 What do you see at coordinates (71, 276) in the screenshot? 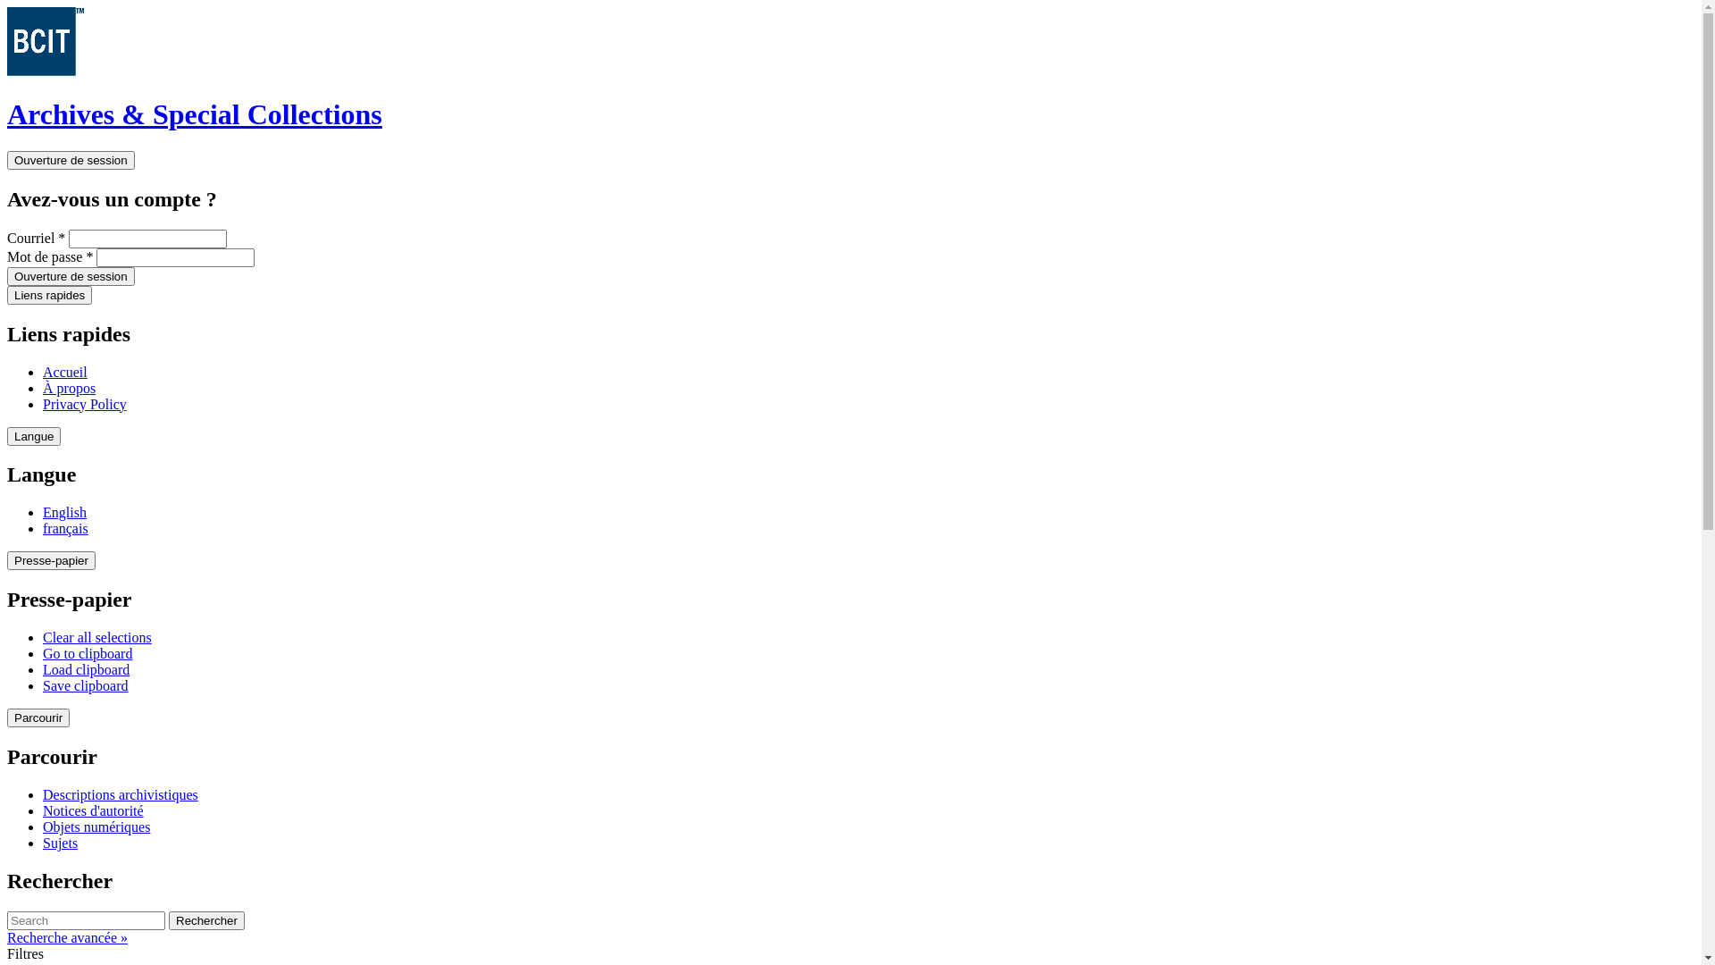
I see `'Ouverture de session'` at bounding box center [71, 276].